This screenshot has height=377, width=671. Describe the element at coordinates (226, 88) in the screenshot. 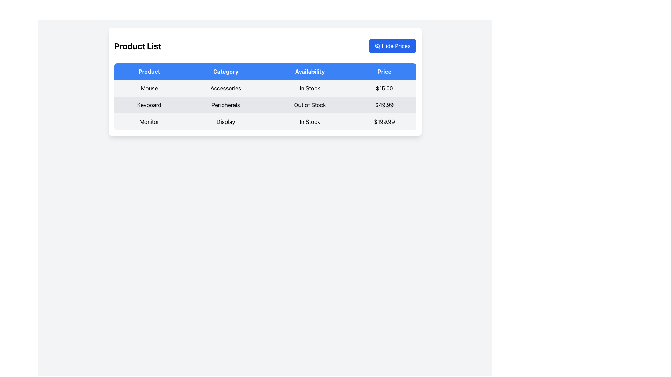

I see `the text label 'Accessories' which categorizes the product 'Mouse' in the interface` at that location.